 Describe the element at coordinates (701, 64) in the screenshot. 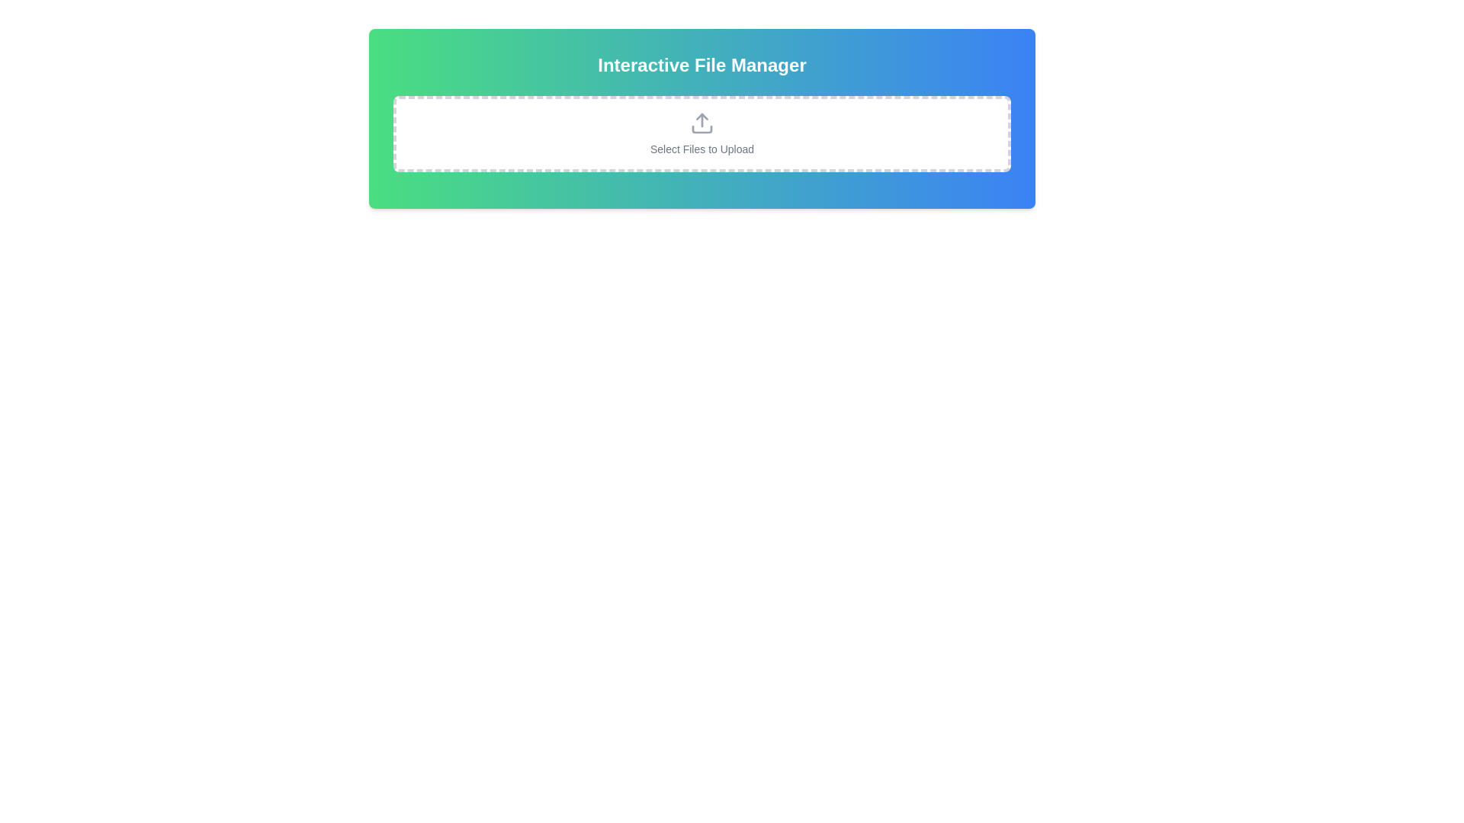

I see `the title text element located at the top of the interface, which serves as a clear identifier for the application` at that location.